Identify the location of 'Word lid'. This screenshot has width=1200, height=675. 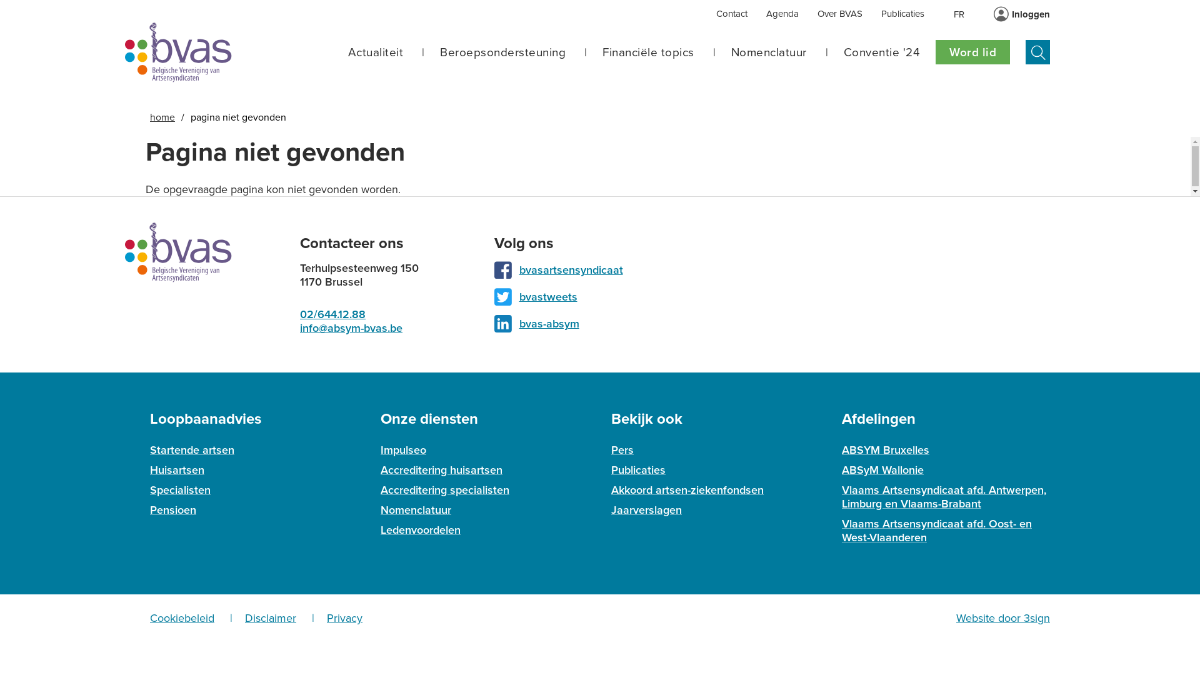
(972, 51).